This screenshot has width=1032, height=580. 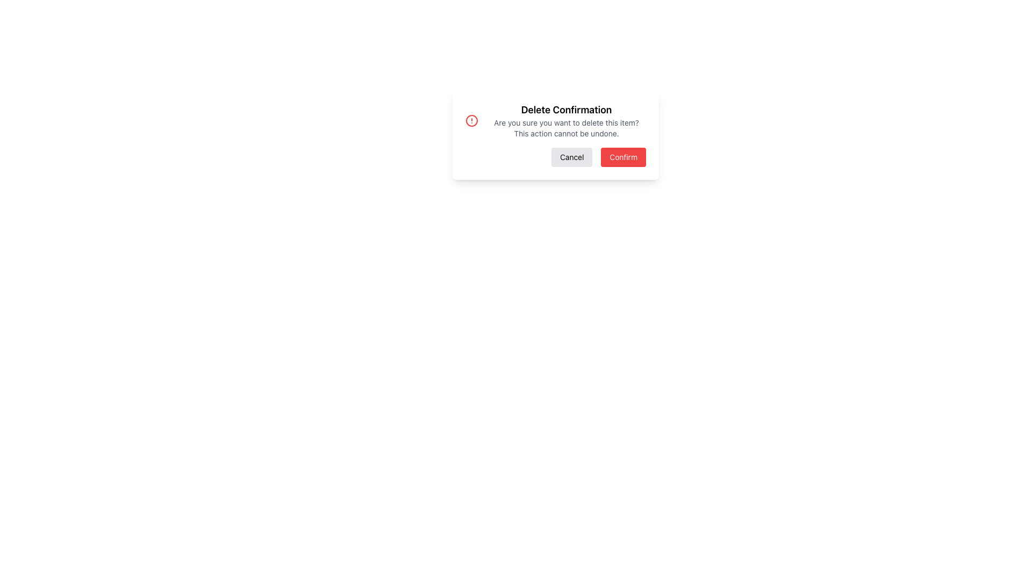 I want to click on the decorative graphic circle that serves as a visual indicator for alerts in the upper-left section of the modal dialog titled 'Delete Confirmation', so click(x=472, y=120).